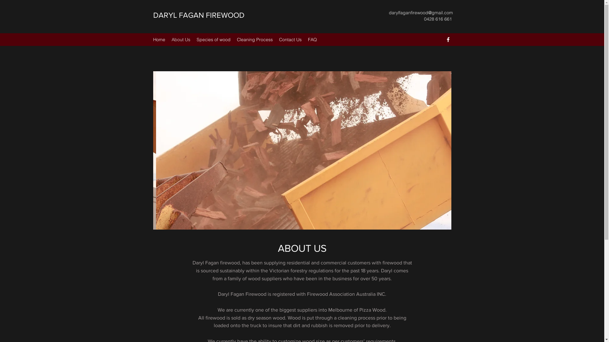 This screenshot has width=609, height=342. I want to click on 'About Us', so click(180, 39).